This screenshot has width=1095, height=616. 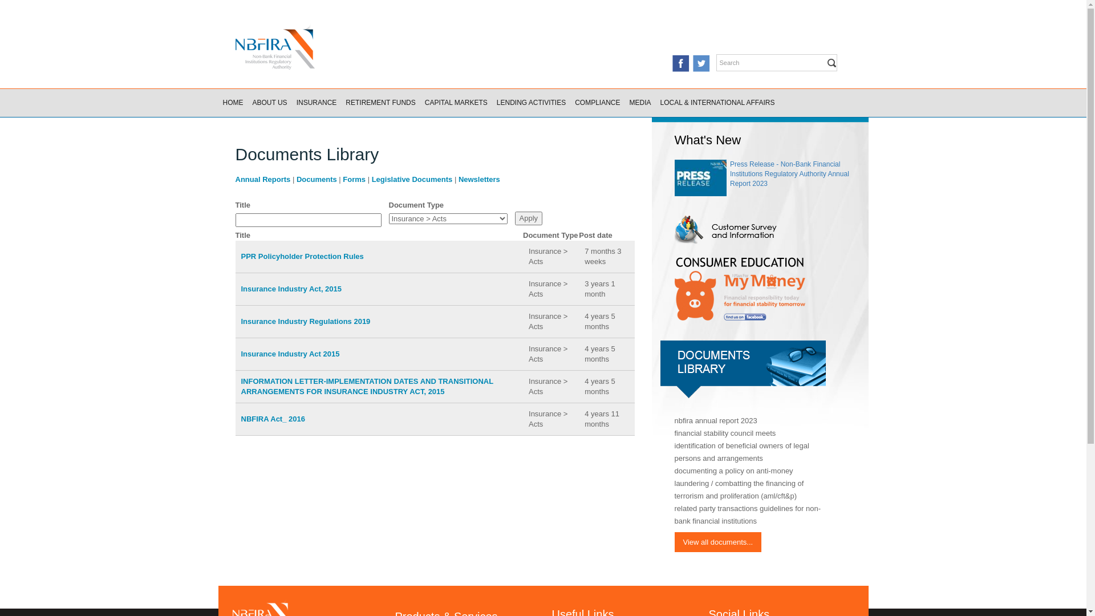 What do you see at coordinates (528, 218) in the screenshot?
I see `'Apply'` at bounding box center [528, 218].